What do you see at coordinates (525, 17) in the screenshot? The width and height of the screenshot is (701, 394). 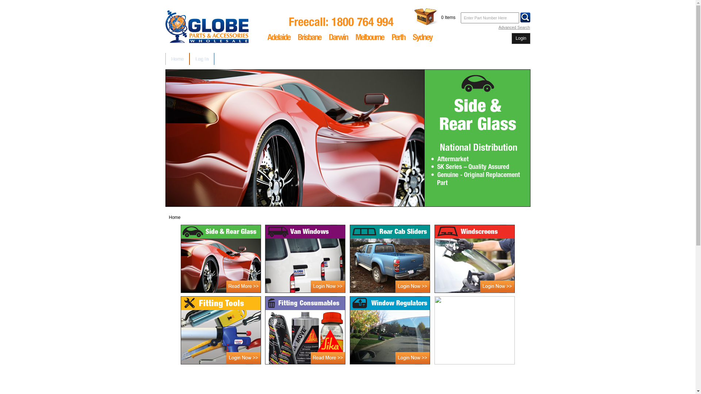 I see `'Search'` at bounding box center [525, 17].